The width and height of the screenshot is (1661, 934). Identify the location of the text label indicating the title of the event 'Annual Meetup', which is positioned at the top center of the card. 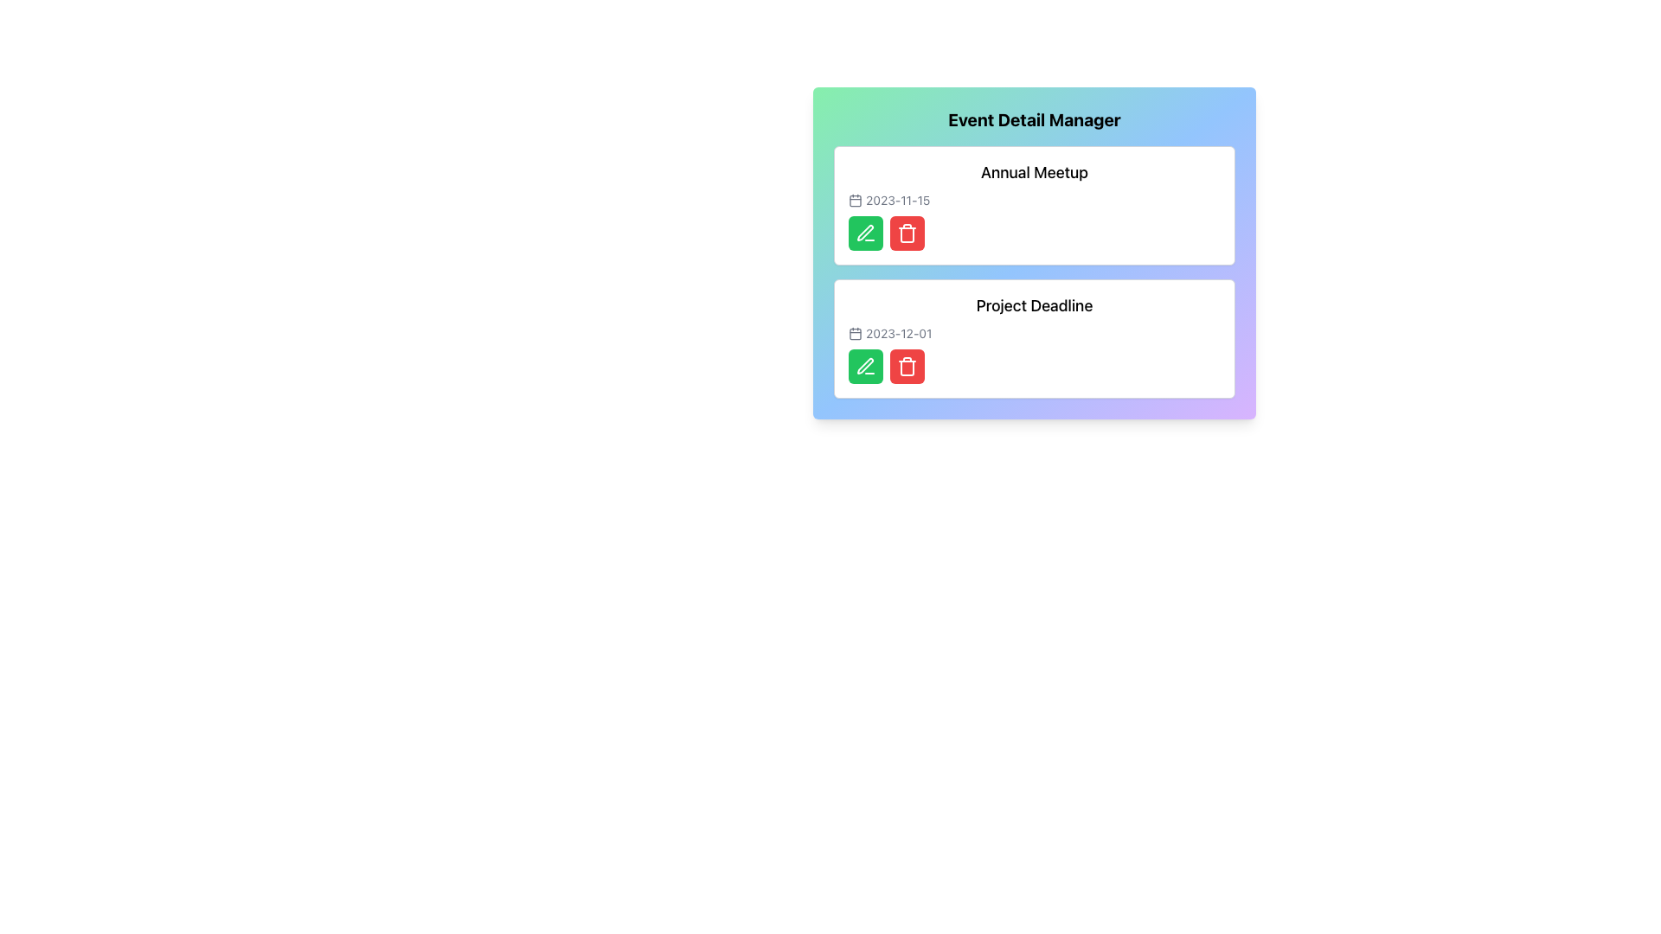
(1034, 173).